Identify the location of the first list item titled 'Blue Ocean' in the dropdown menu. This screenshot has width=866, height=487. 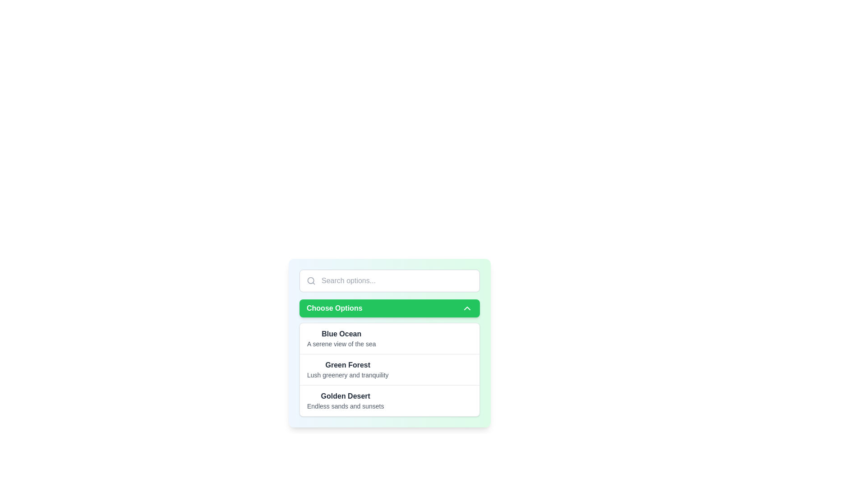
(390, 339).